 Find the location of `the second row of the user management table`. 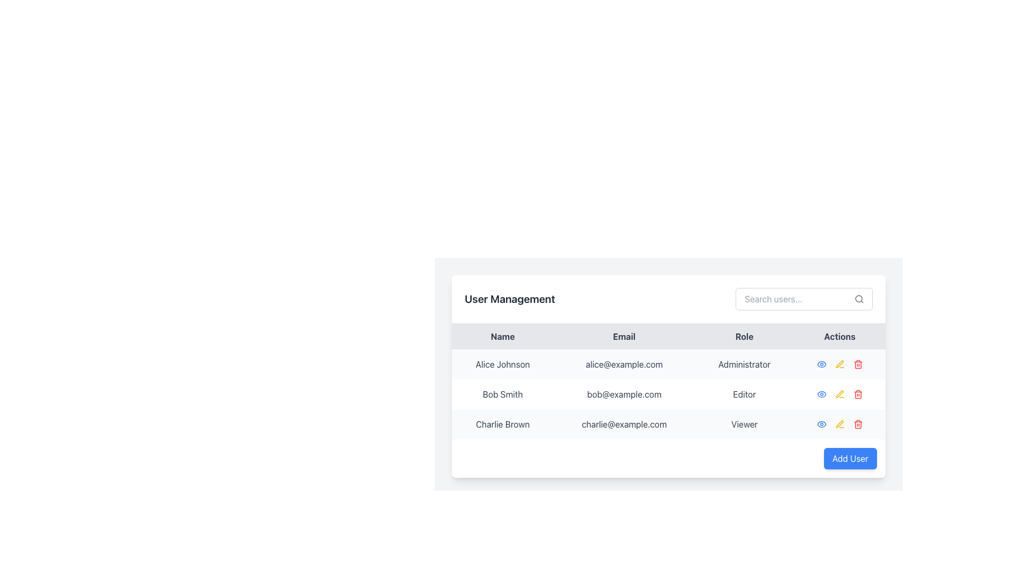

the second row of the user management table is located at coordinates (668, 394).